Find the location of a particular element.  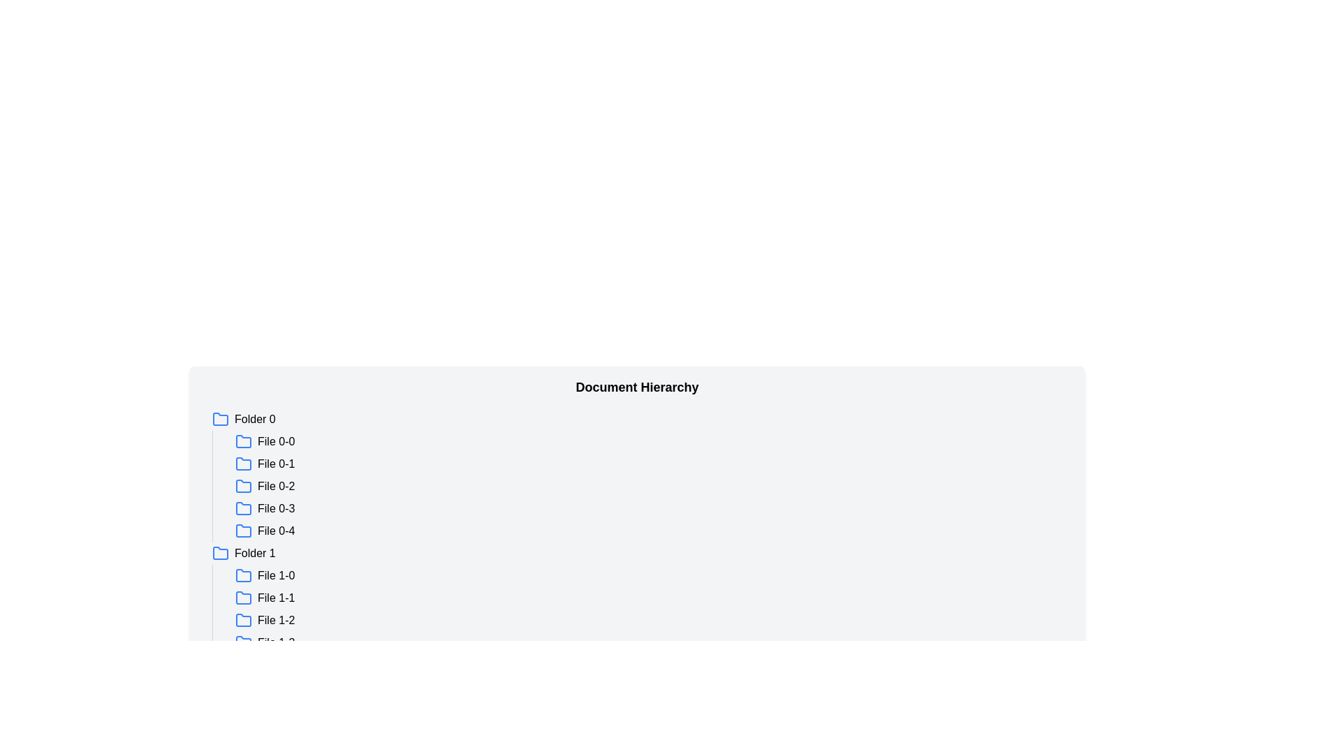

the static text label displaying 'File 1-3', which is positioned next to a folder icon within the list under 'Folder 1' is located at coordinates (276, 643).